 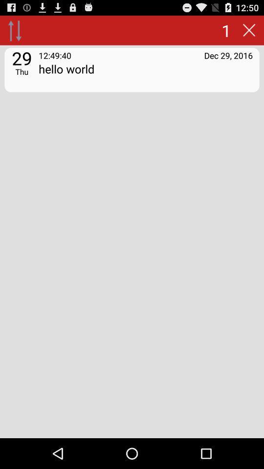 I want to click on icon below 12:49:40 app, so click(x=145, y=75).